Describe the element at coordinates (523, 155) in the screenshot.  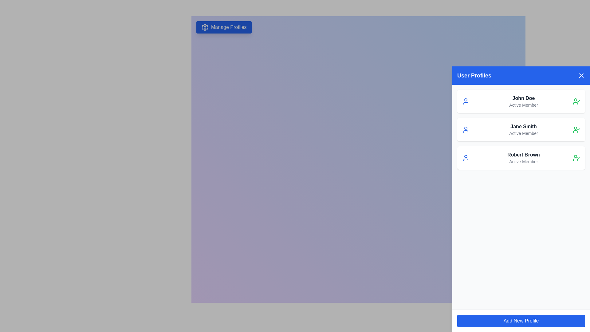
I see `the text element displaying the name 'Robert Brown', which serves as a label for the associated user profile entry in the User Profiles sidebar` at that location.